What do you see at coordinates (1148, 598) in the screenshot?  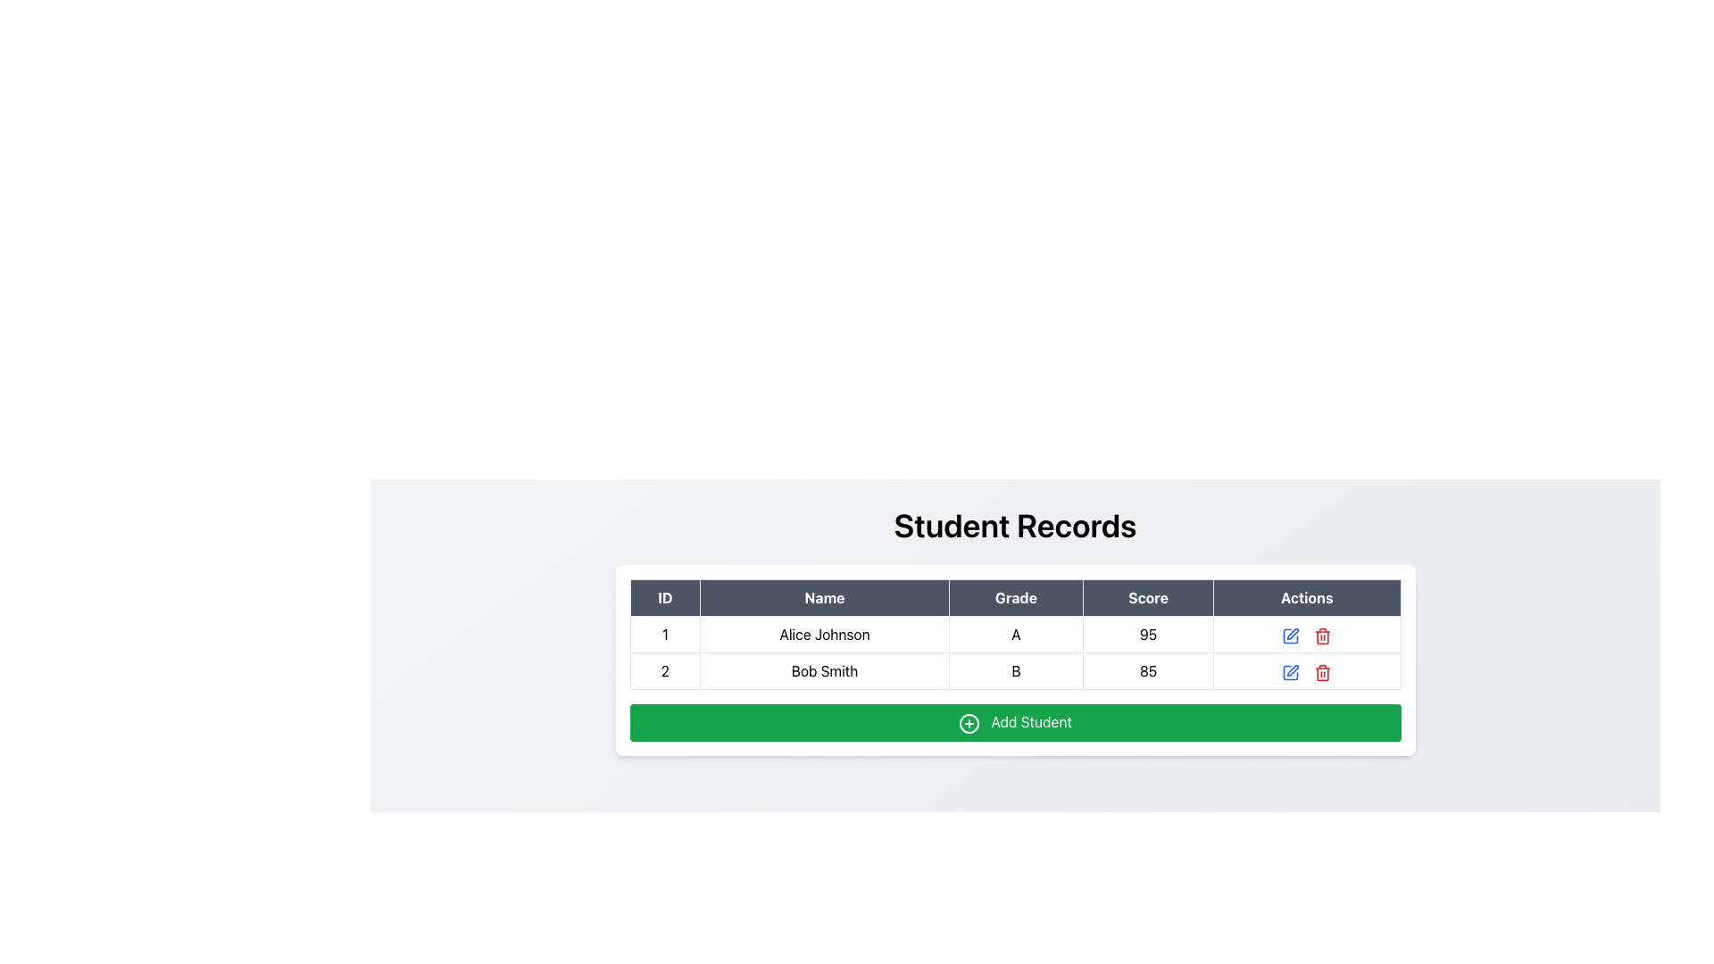 I see `the Table Header Cell that serves as the header label for the 'Score' column, positioned between the 'Grade' and 'Actions' cells` at bounding box center [1148, 598].